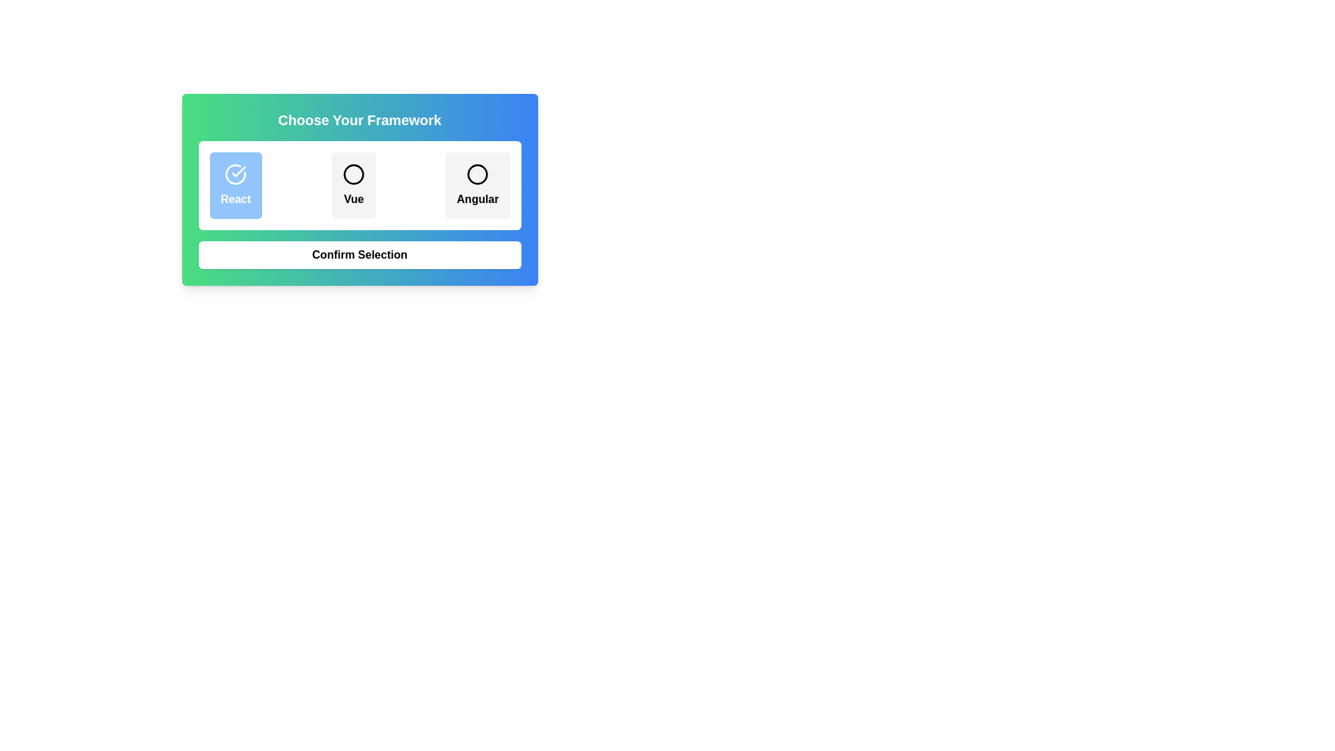 The image size is (1335, 751). Describe the element at coordinates (236, 184) in the screenshot. I see `the rectangular button labeled 'React' with a blue background and white text` at that location.